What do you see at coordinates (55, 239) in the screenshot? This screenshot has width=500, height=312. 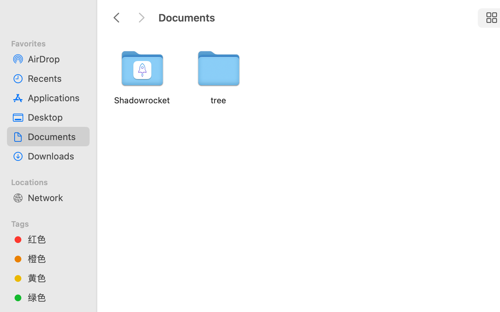 I see `'红色'` at bounding box center [55, 239].